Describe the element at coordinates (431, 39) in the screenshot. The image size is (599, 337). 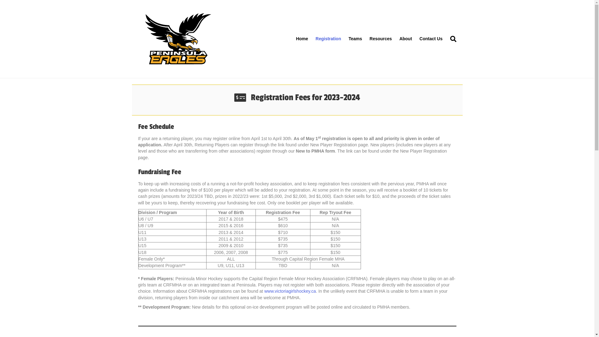
I see `'Contact Us'` at that location.